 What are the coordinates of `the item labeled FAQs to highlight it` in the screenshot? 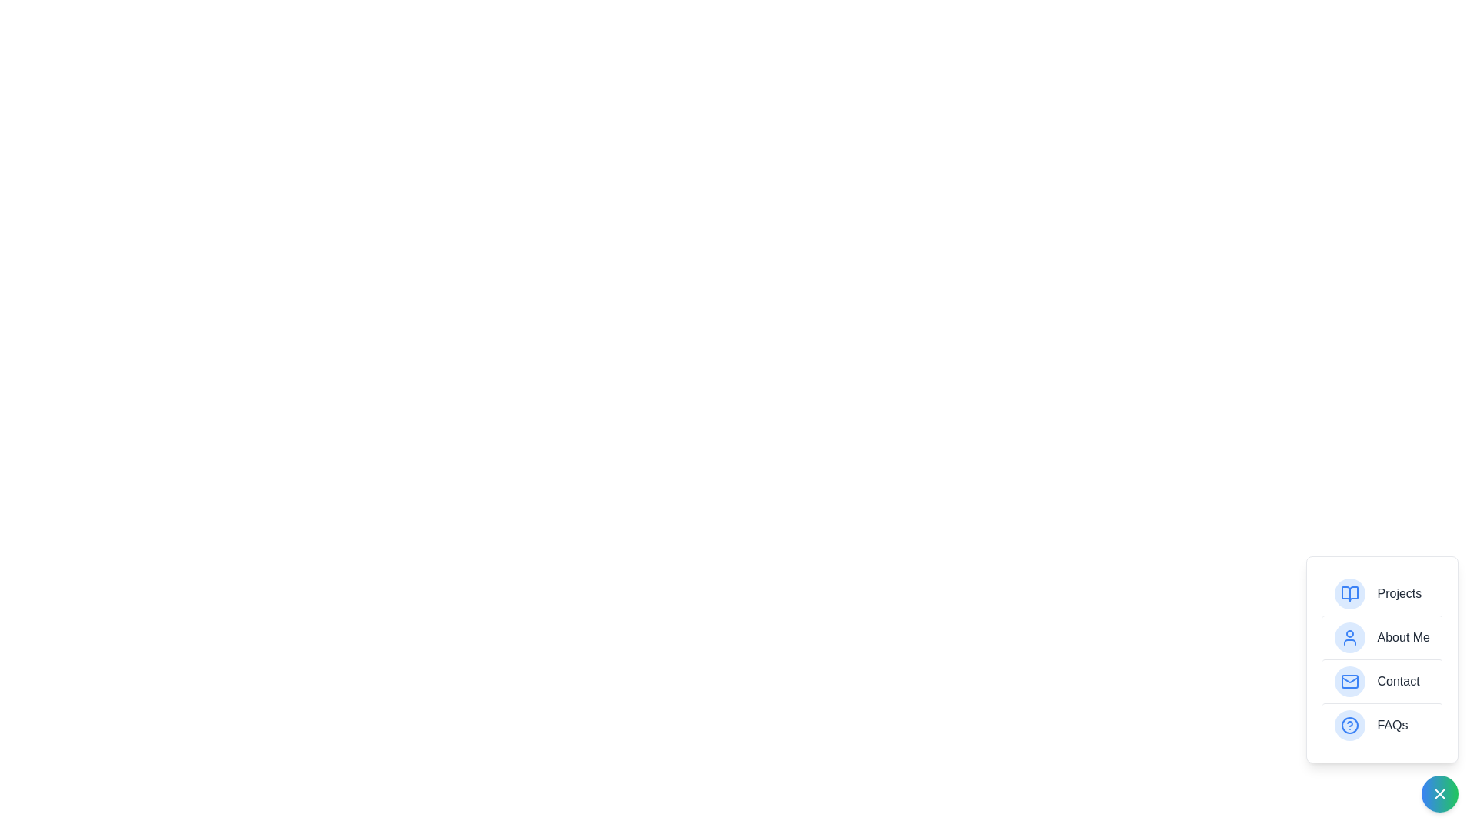 It's located at (1382, 725).